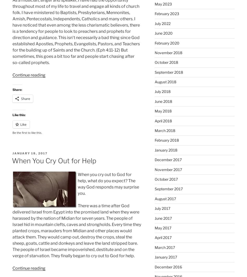 The width and height of the screenshot is (247, 277). Describe the element at coordinates (163, 4) in the screenshot. I see `'May 2023'` at that location.